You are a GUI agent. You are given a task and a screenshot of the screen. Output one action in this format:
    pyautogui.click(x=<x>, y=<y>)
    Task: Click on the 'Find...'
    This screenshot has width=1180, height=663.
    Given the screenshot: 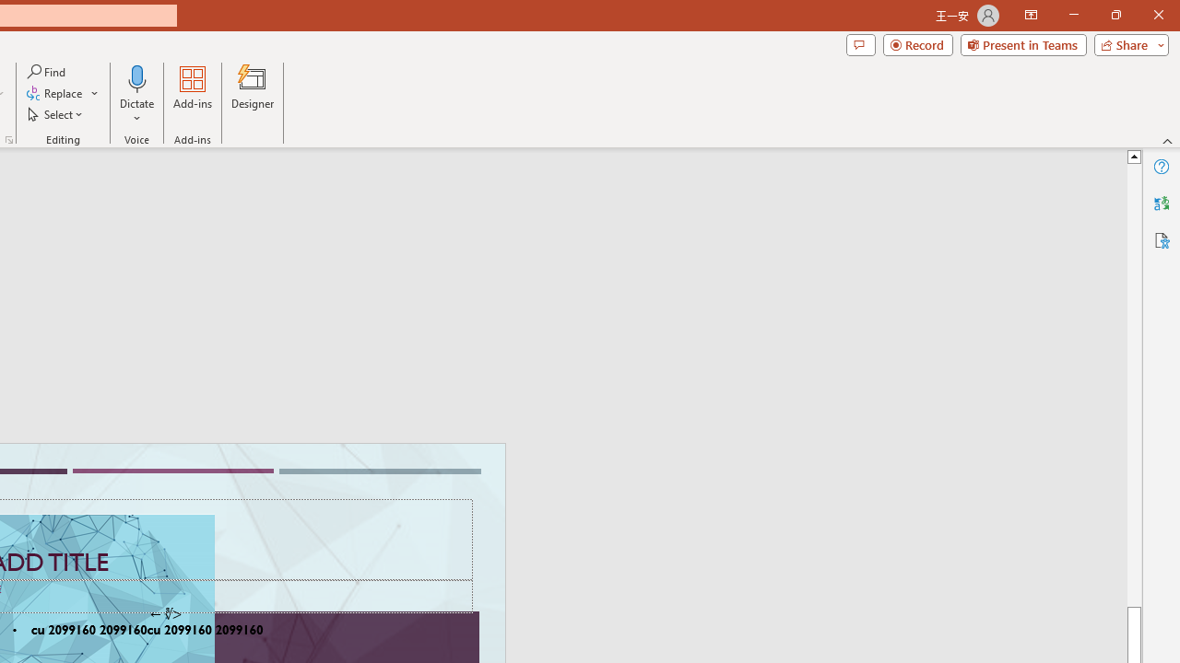 What is the action you would take?
    pyautogui.click(x=47, y=71)
    